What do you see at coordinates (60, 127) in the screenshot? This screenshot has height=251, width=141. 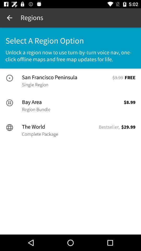 I see `the icon below the region bundle icon` at bounding box center [60, 127].